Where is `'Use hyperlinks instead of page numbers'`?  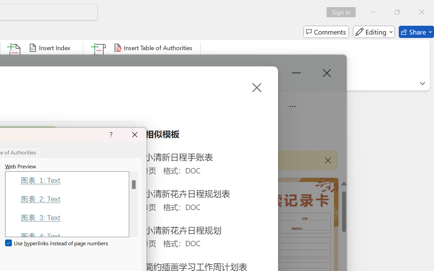 'Use hyperlinks instead of page numbers' is located at coordinates (57, 243).